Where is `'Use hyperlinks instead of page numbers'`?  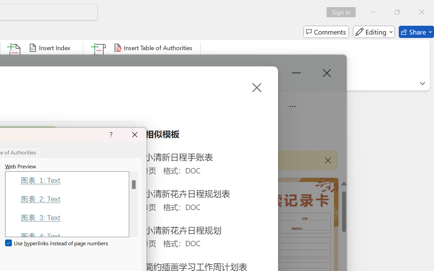 'Use hyperlinks instead of page numbers' is located at coordinates (57, 243).